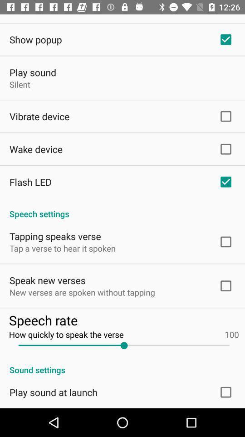 The height and width of the screenshot is (437, 245). What do you see at coordinates (39, 116) in the screenshot?
I see `the app above wake device` at bounding box center [39, 116].